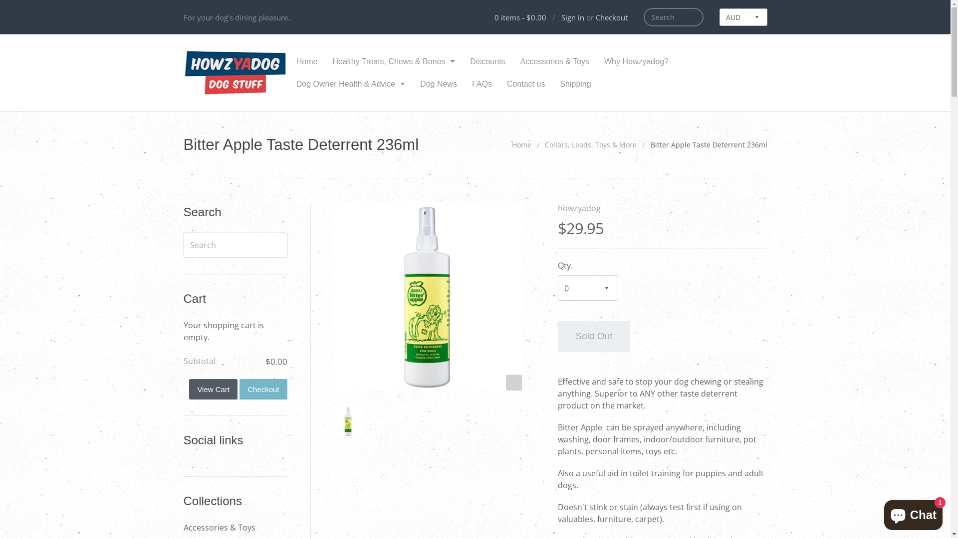 The width and height of the screenshot is (958, 538). What do you see at coordinates (591, 144) in the screenshot?
I see `'Collars, Leads, Toys & More'` at bounding box center [591, 144].